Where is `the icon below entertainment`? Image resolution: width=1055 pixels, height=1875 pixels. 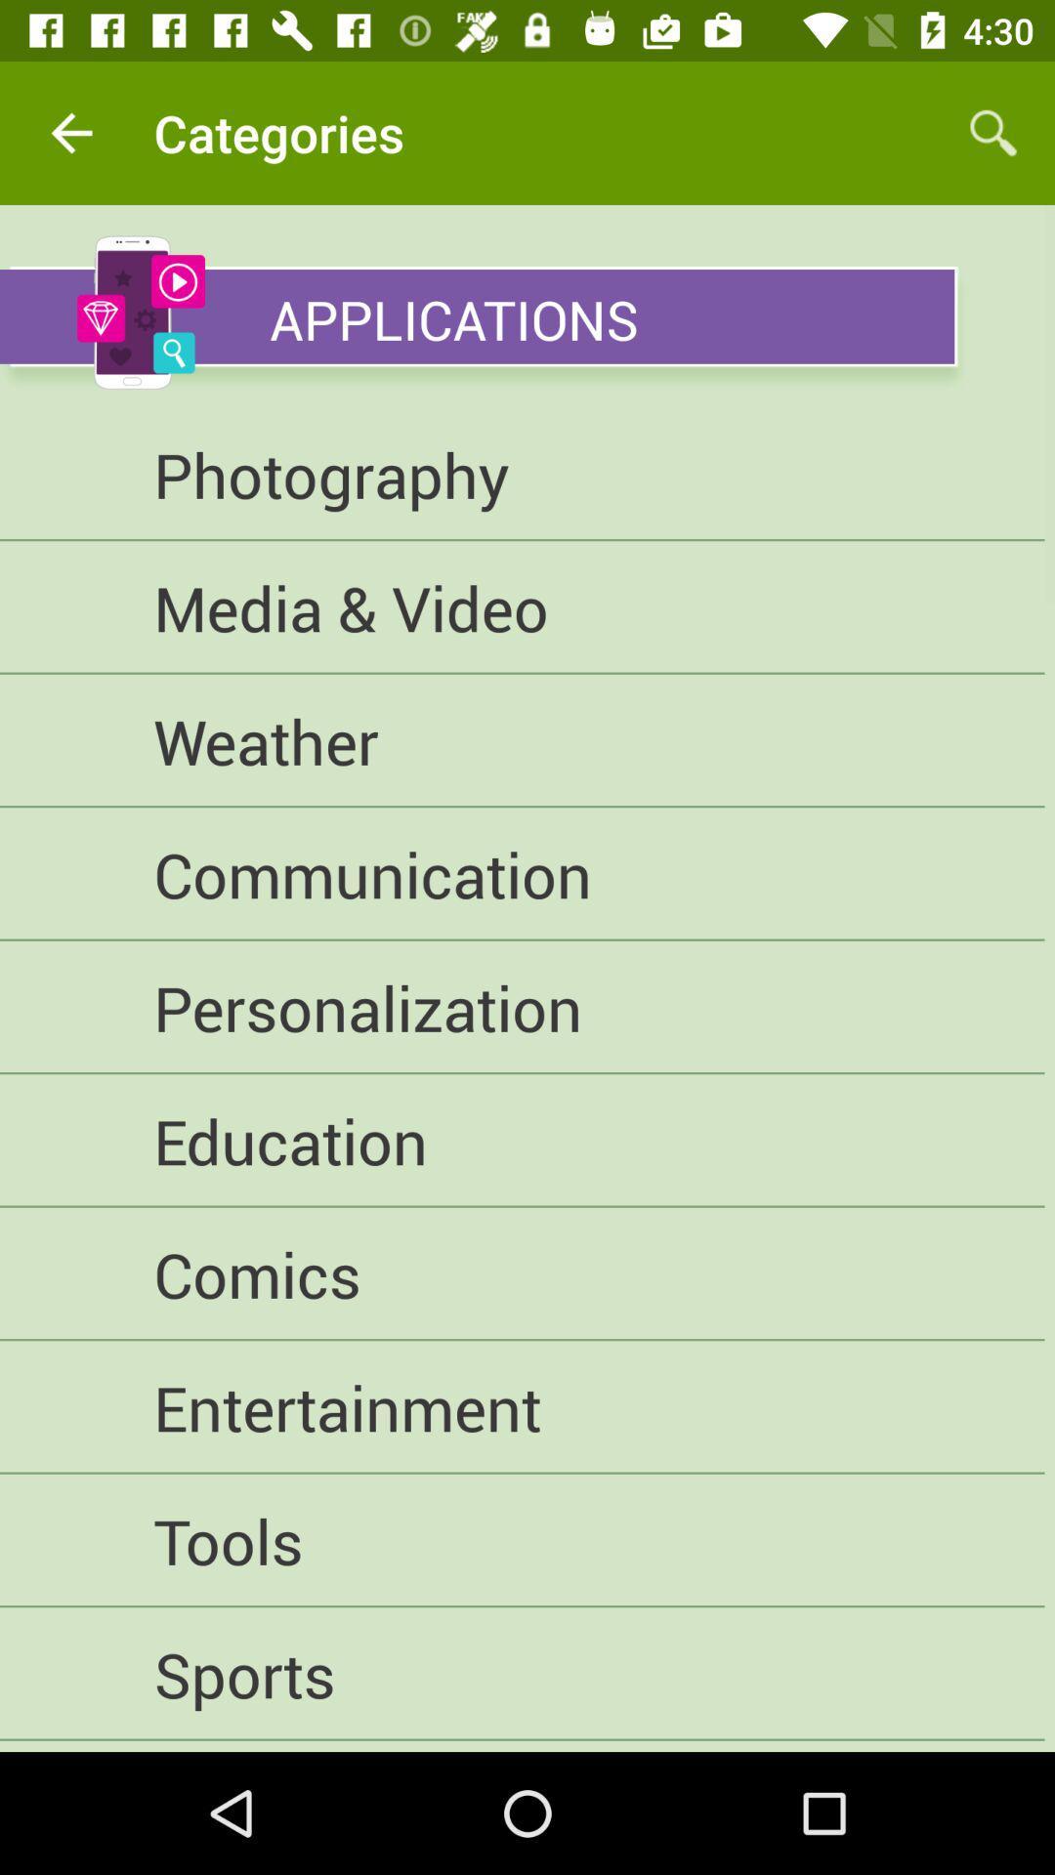
the icon below entertainment is located at coordinates (521, 1540).